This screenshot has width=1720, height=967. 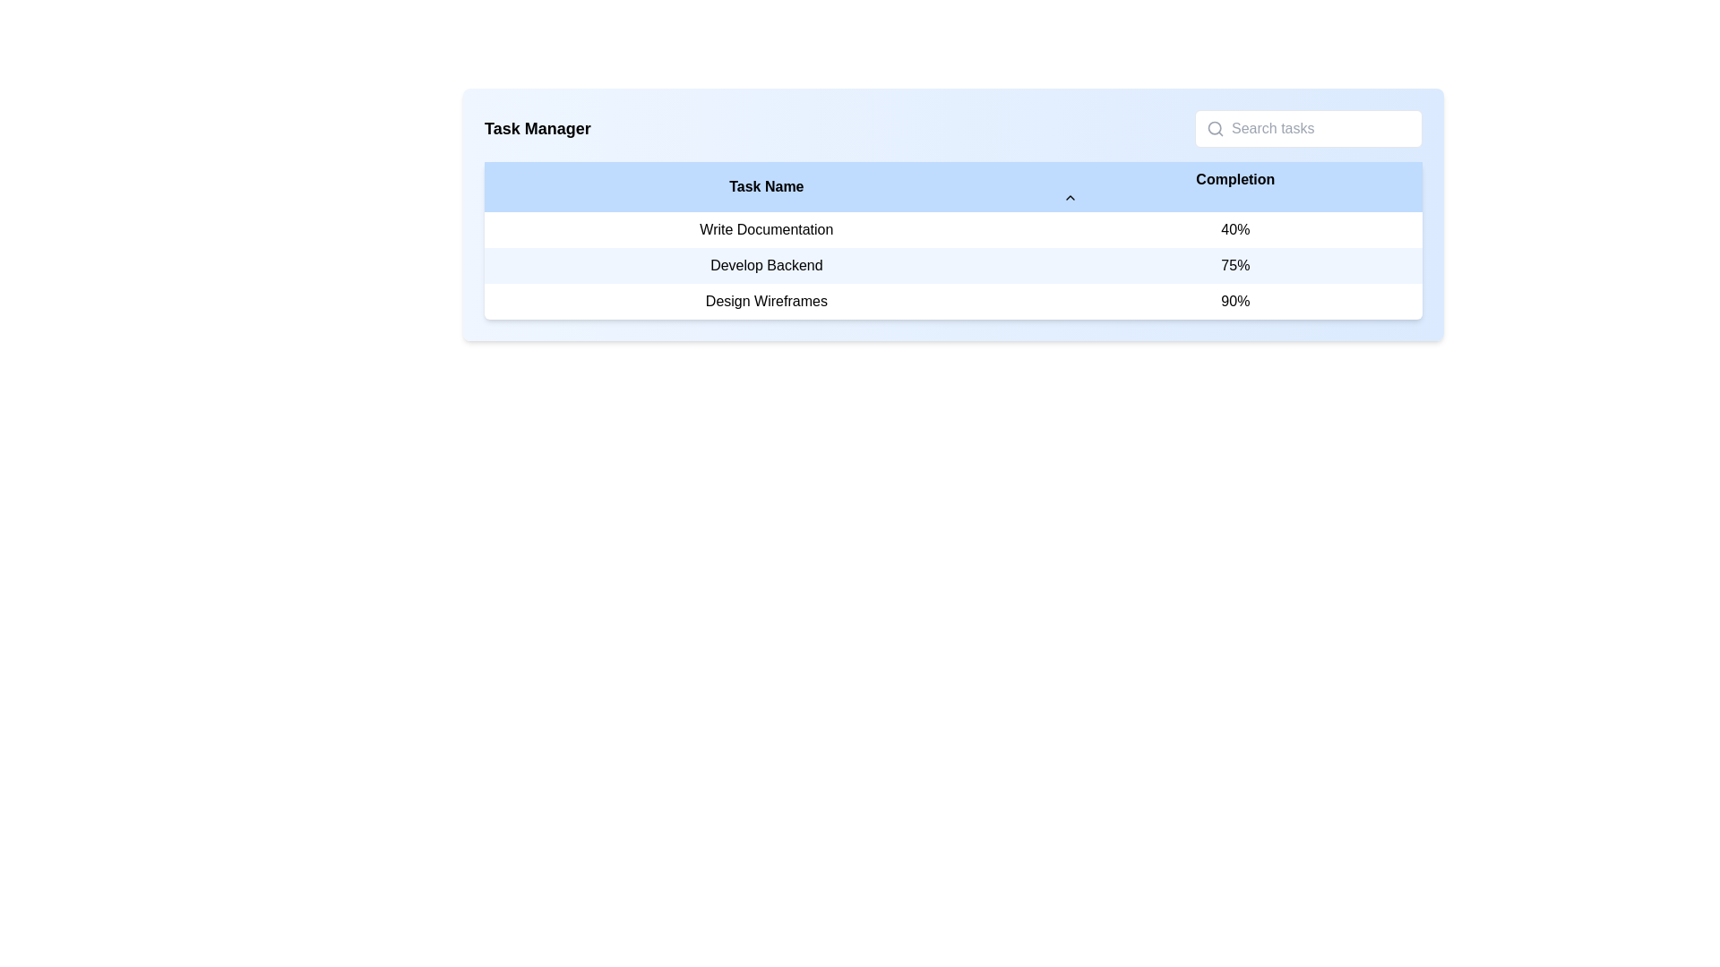 I want to click on the search icon represented by a magnifying glass shape, located to the left of the 'Search tasks' input field in the top-right portion of the page, so click(x=1216, y=127).